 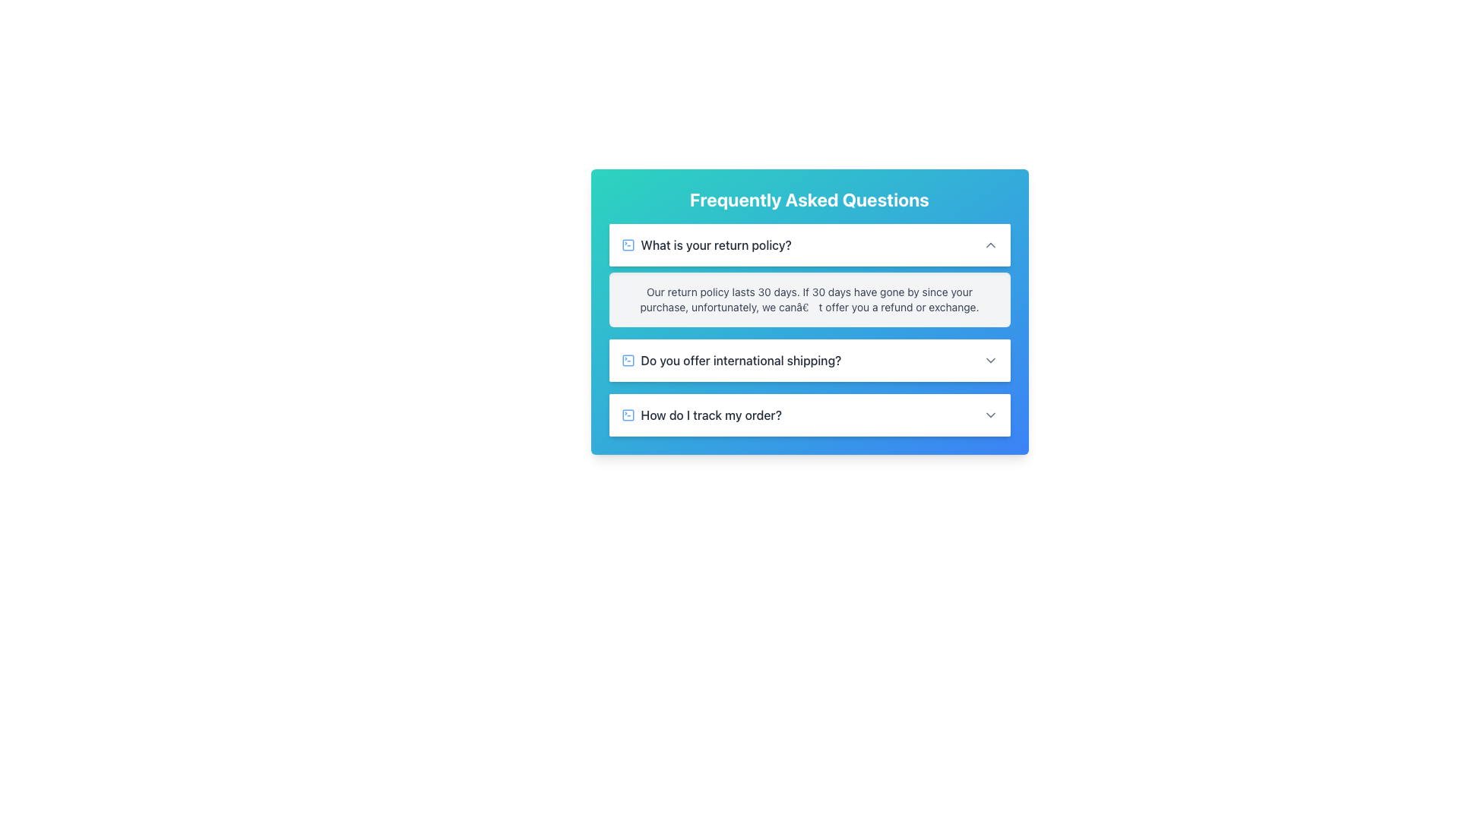 I want to click on the downward-pointing gray arrow icon located in the center-right section of the 'Do you offer international shipping?' list item, so click(x=990, y=360).